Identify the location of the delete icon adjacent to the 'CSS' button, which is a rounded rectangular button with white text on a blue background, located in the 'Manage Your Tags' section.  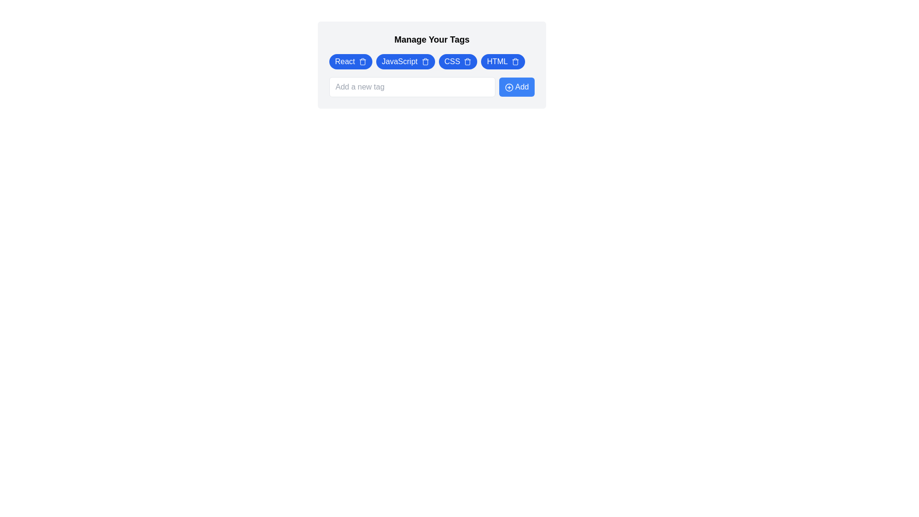
(457, 61).